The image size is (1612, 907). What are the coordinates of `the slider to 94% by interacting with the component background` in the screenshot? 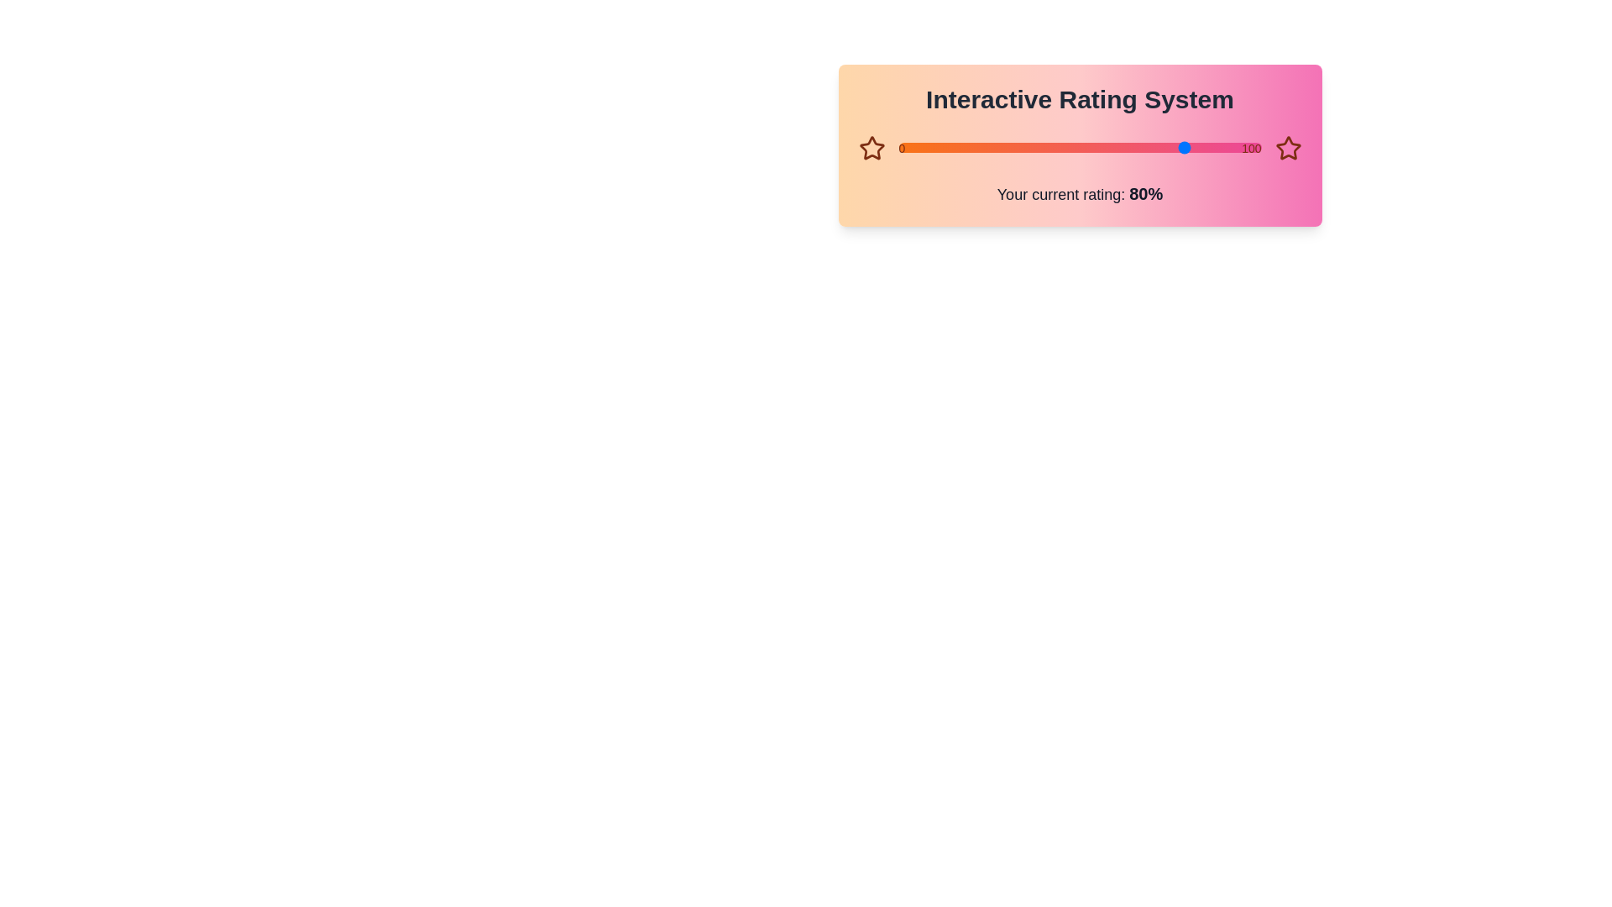 It's located at (1239, 147).